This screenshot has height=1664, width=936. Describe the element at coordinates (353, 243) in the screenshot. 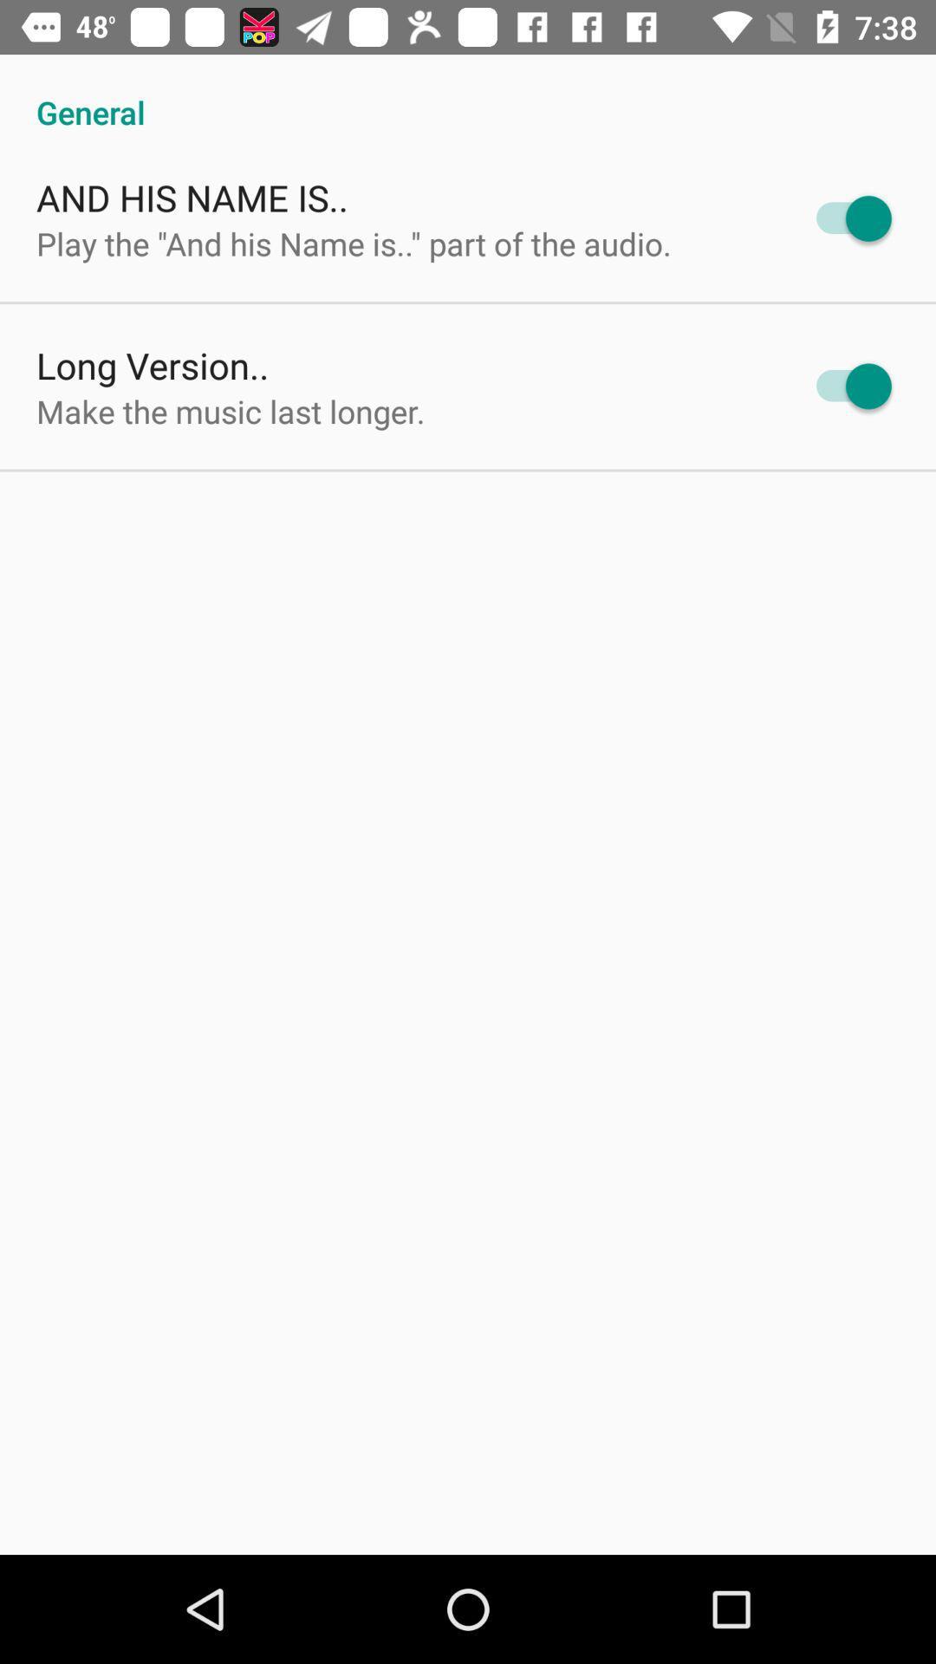

I see `the play the and` at that location.